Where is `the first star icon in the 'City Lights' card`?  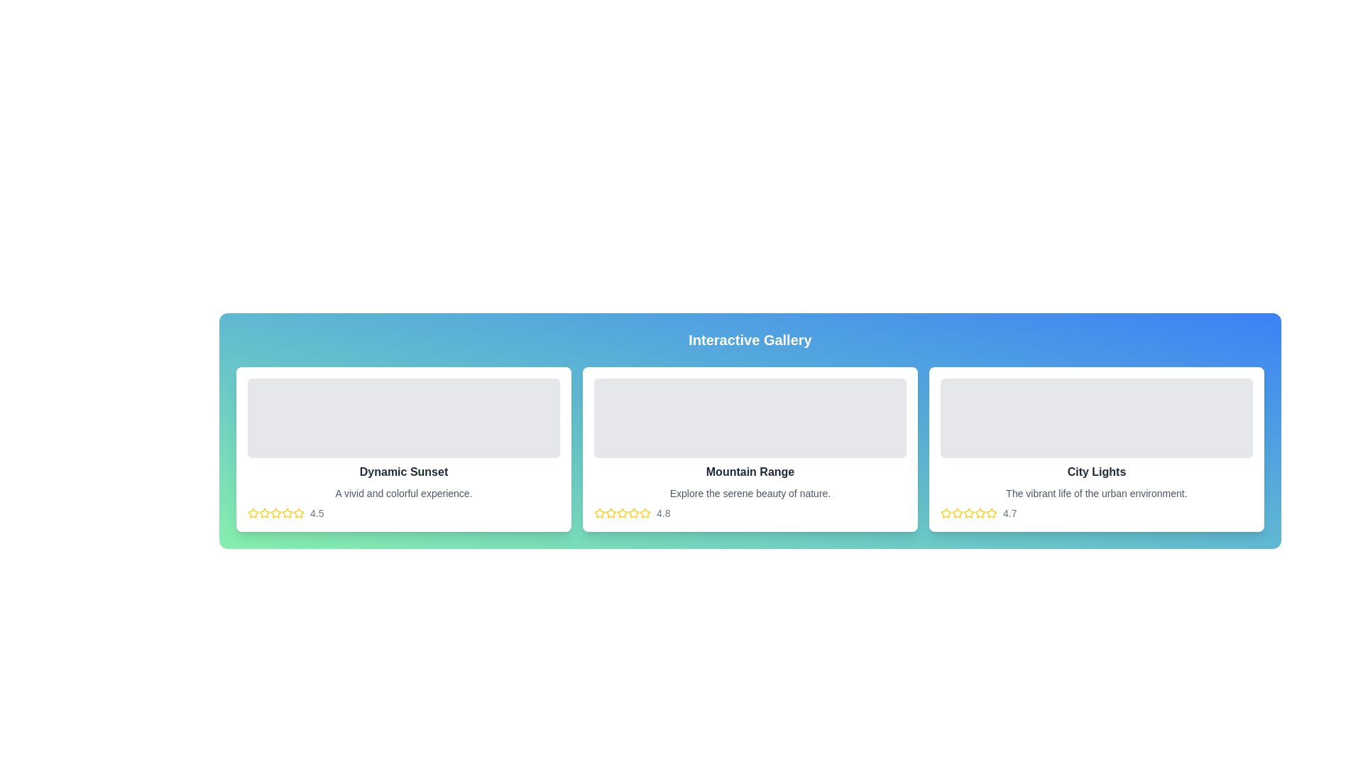
the first star icon in the 'City Lights' card is located at coordinates (957, 512).